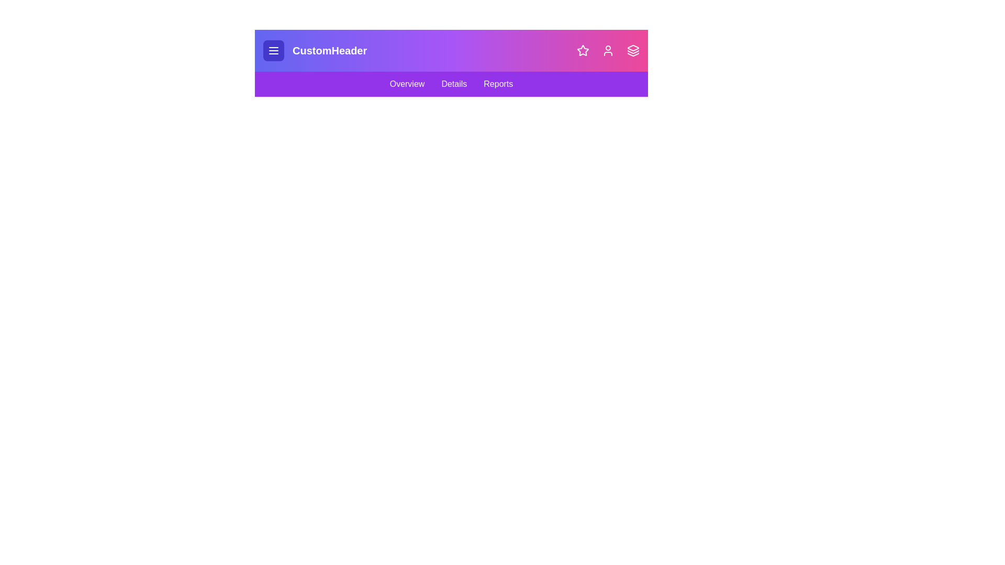  Describe the element at coordinates (632, 50) in the screenshot. I see `the layers icon to open additional options` at that location.